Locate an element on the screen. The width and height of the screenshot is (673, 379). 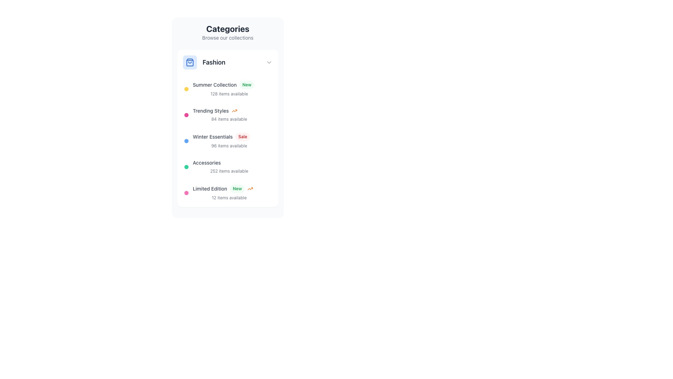
the third item in the 'Fashion' categories list labeled 'Winter Essentials' is located at coordinates (227, 141).